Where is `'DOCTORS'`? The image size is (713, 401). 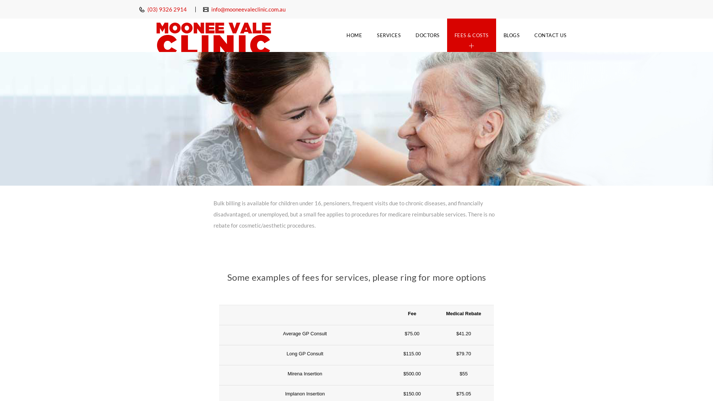 'DOCTORS' is located at coordinates (427, 35).